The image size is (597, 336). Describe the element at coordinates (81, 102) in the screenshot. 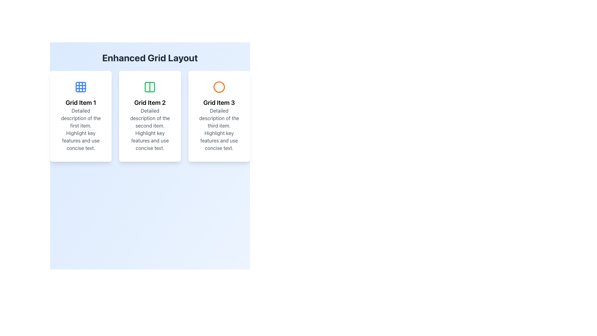

I see `the header element styled with the text 'Grid Item 1', which is bold and prominently placed near the top-center of the first card in the grid layout` at that location.